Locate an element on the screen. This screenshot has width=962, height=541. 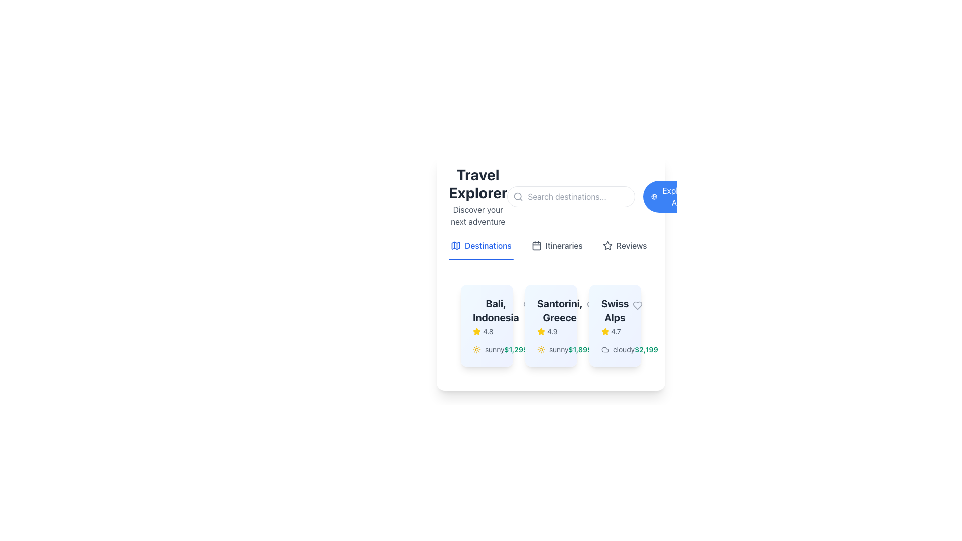
the text label displaying 'Santorini, Greece' with a rating of '4.9' and a yellow star icon, located in the middle of the second card in a horizontal list is located at coordinates (550, 317).